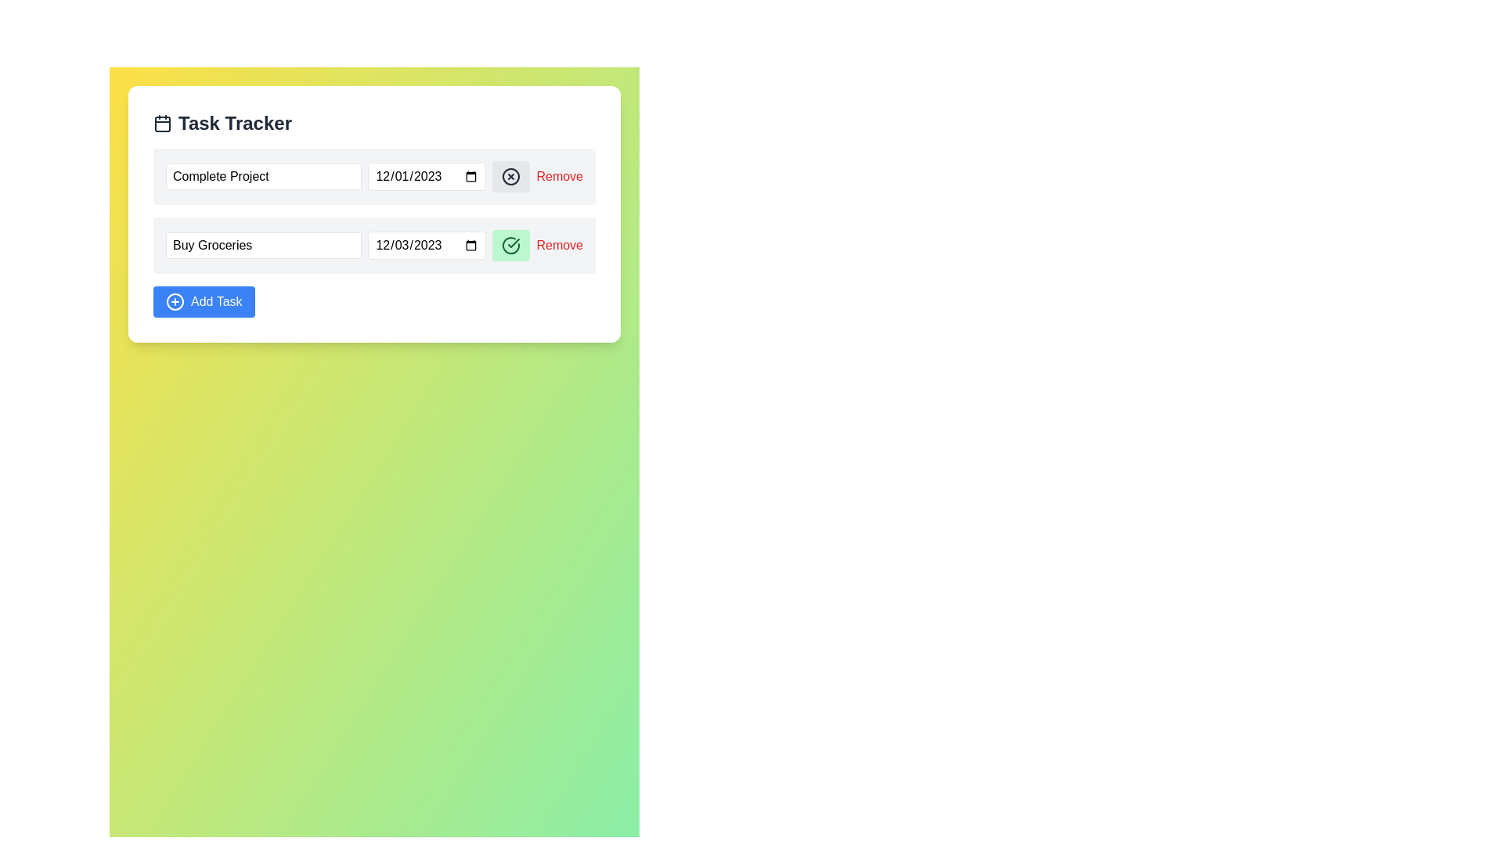  I want to click on the circular gray button with an 'X' icon to clear or remove a task, which is located to the right of the date input field and adjacent to the 'Remove' text button, so click(511, 176).